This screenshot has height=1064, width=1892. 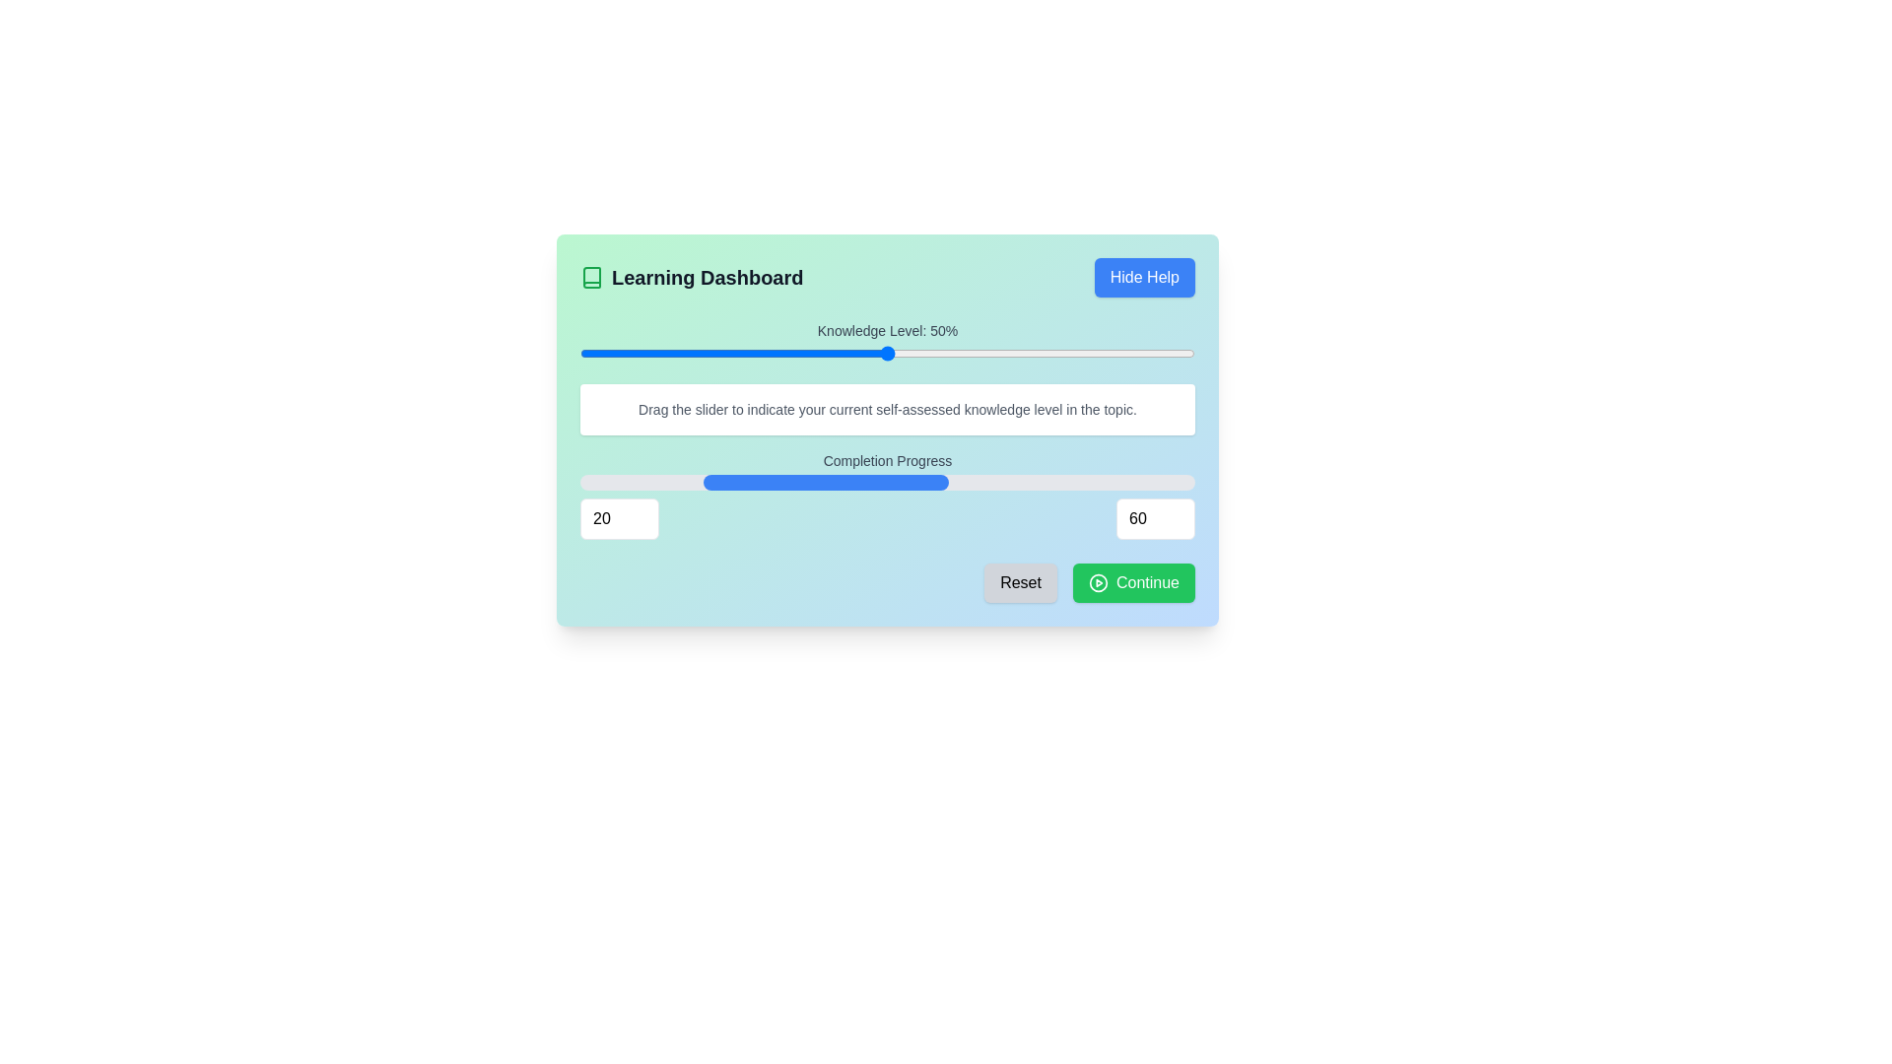 I want to click on the width of the progress bar indicator to determine the current level of completion, which is visually represented within the gray rounded progress bar, so click(x=826, y=482).